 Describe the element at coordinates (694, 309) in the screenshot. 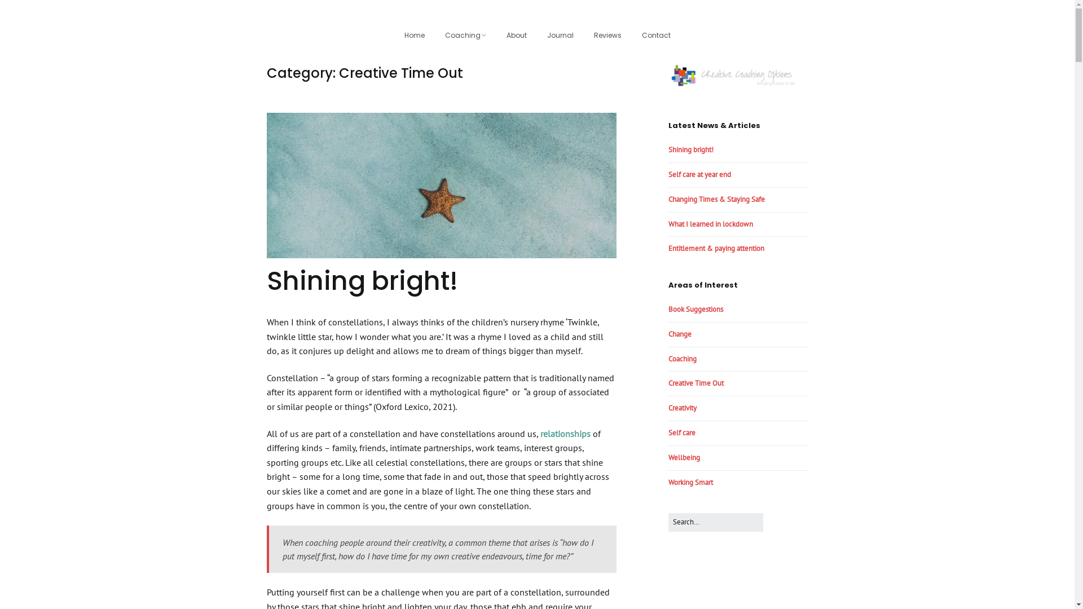

I see `'Book Suggestions'` at that location.